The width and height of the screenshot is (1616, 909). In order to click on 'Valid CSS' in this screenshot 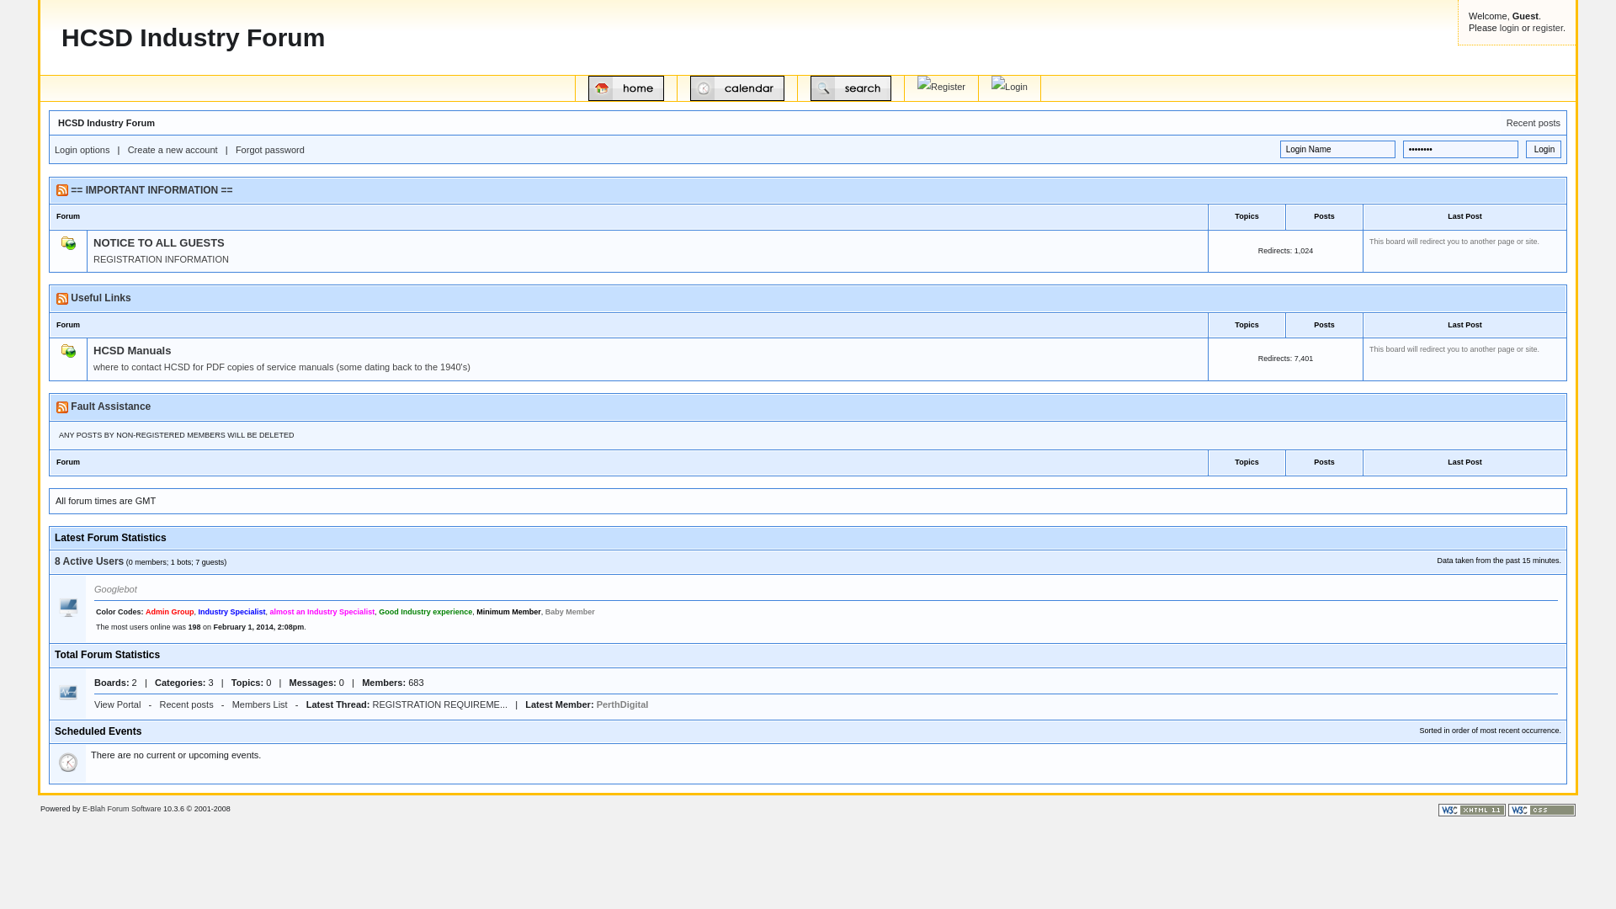, I will do `click(1507, 809)`.